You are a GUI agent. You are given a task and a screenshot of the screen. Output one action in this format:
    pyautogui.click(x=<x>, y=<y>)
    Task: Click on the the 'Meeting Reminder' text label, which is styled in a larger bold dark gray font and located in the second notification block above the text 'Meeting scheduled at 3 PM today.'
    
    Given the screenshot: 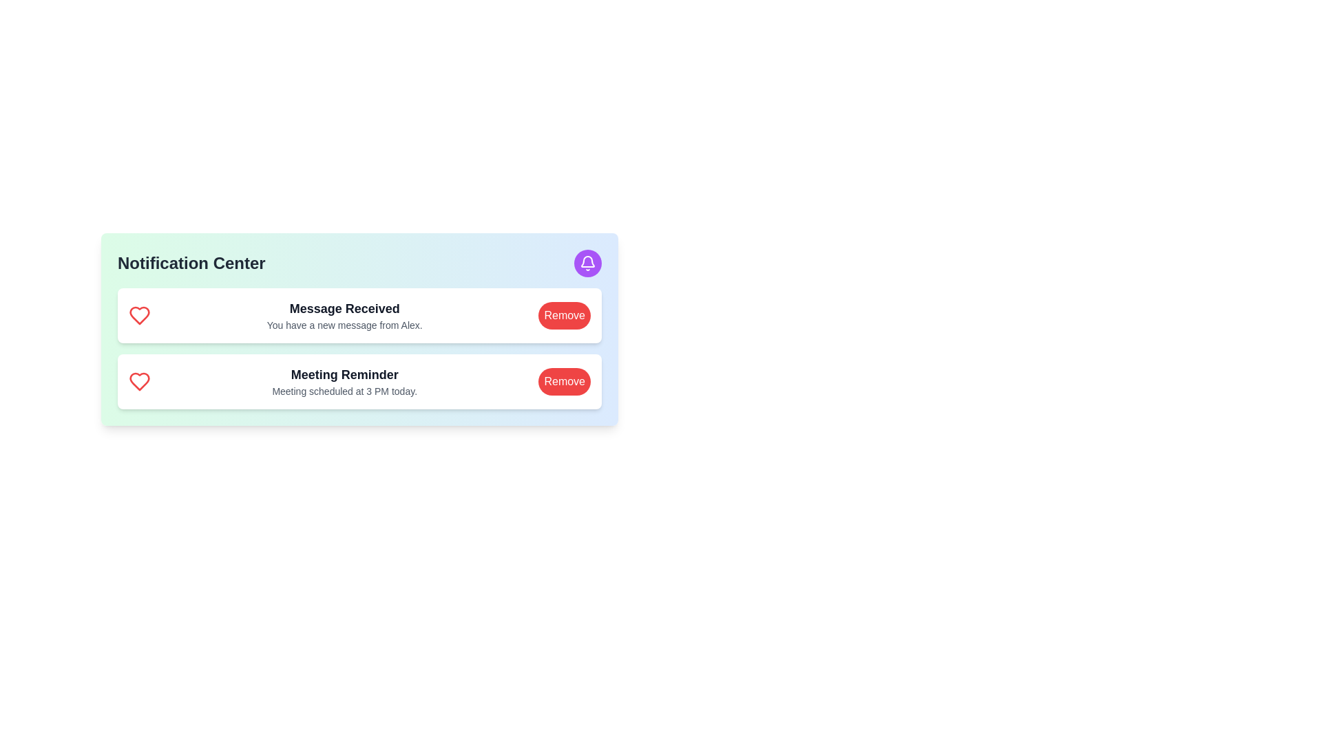 What is the action you would take?
    pyautogui.click(x=344, y=374)
    